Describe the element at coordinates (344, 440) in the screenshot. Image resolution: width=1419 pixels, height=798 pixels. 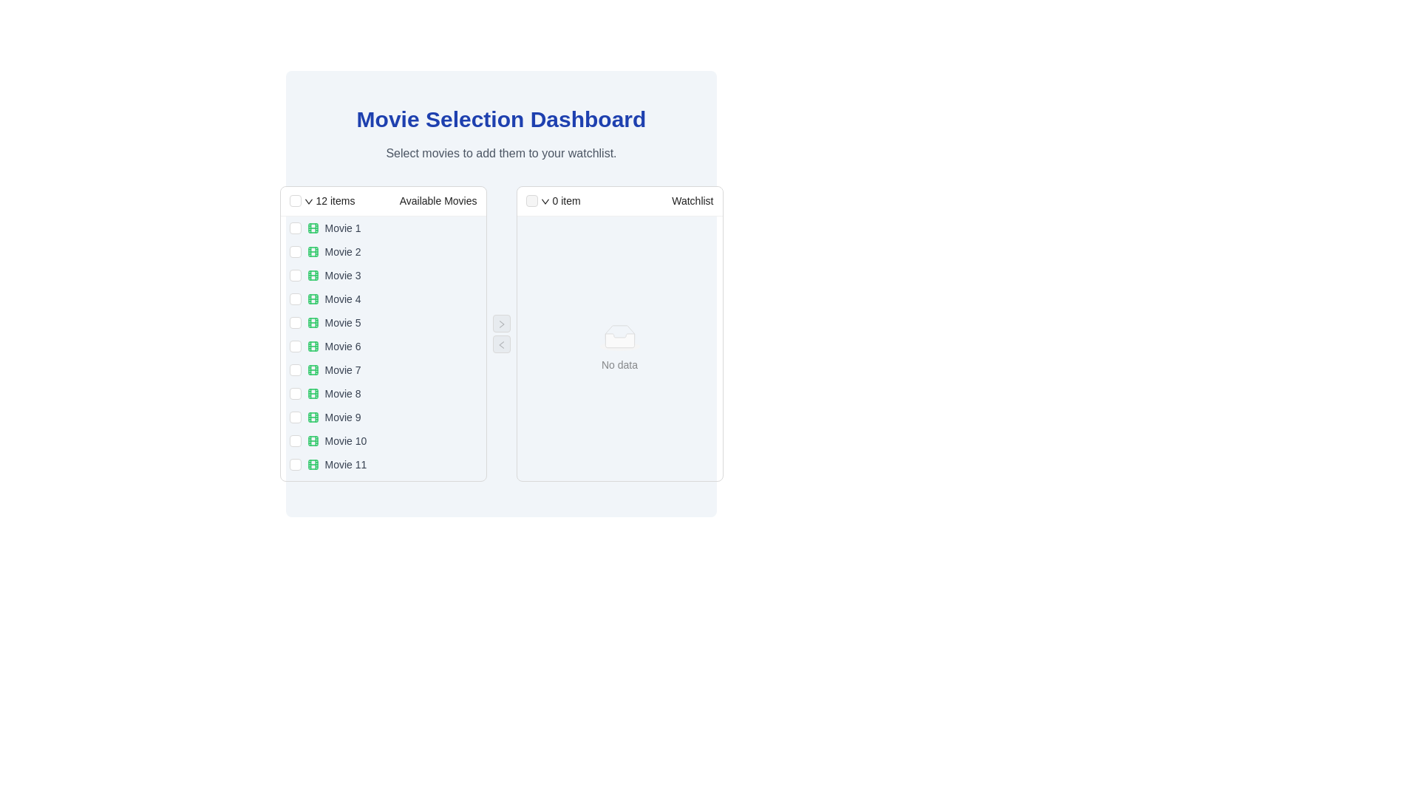
I see `the text label displaying 'Movie 10'` at that location.